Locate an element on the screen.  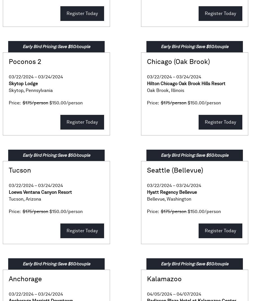
'Anchorage' is located at coordinates (8, 279).